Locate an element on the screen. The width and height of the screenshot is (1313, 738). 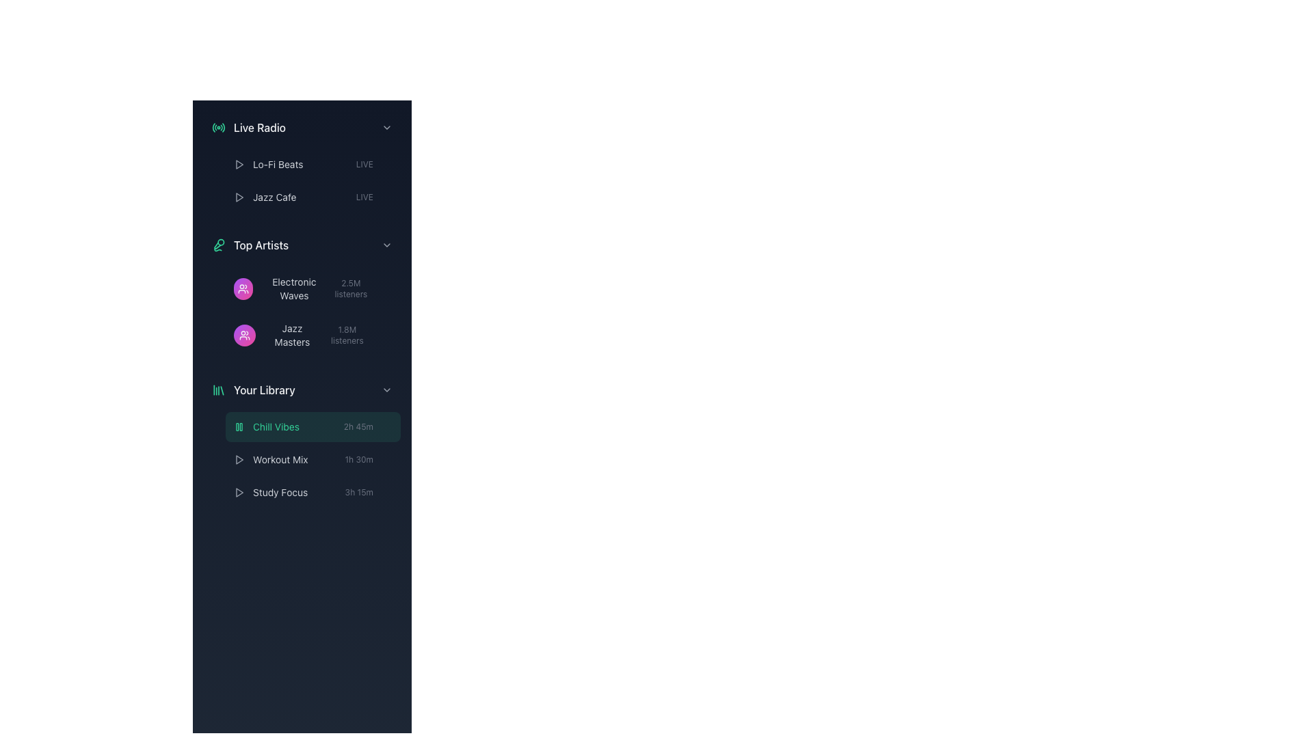
the 'Study Focus' text label, which is the third item under the 'Your Library' section in the sidebar, positioned below 'Workout Mix' and 'Chill Vibes' is located at coordinates (280, 493).